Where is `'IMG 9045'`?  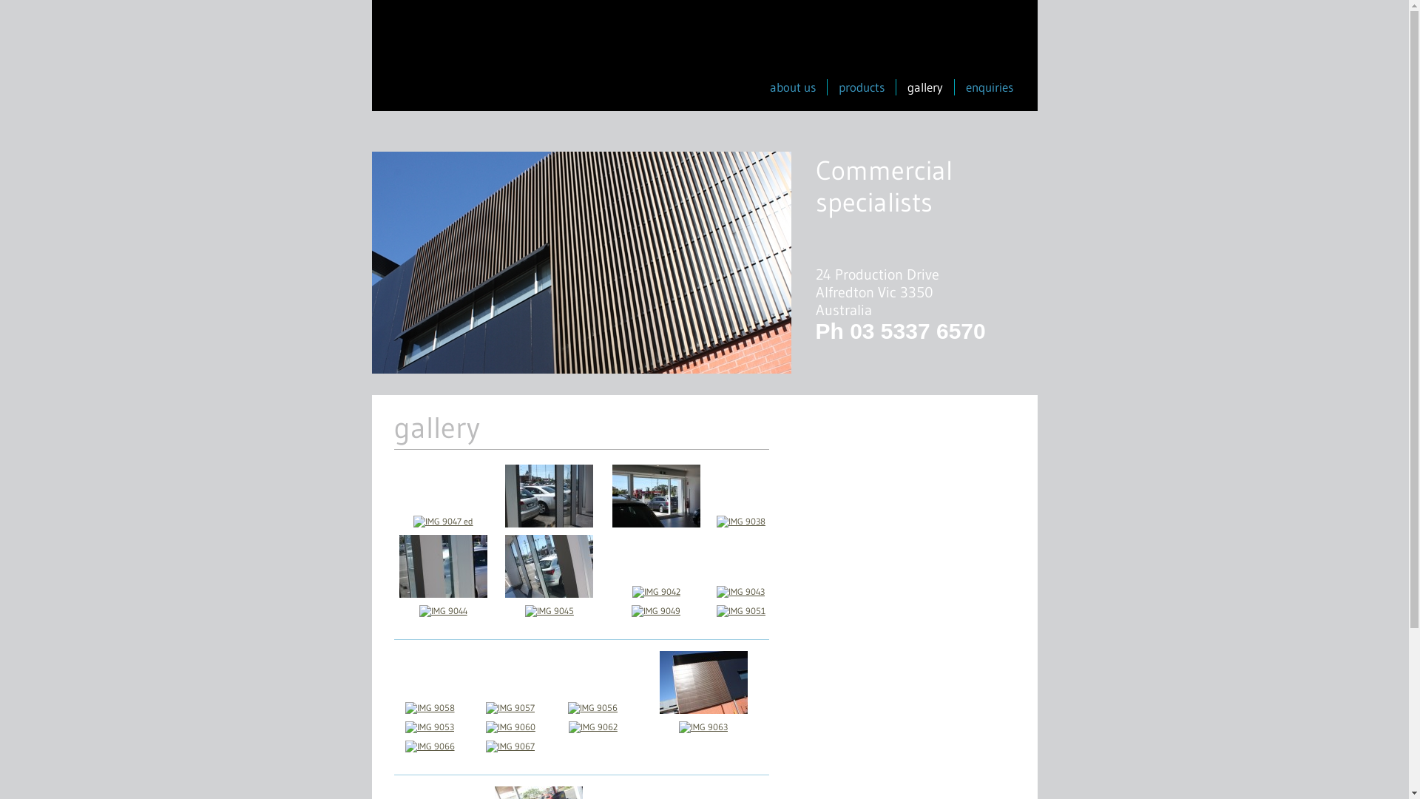
'IMG 9045' is located at coordinates (549, 611).